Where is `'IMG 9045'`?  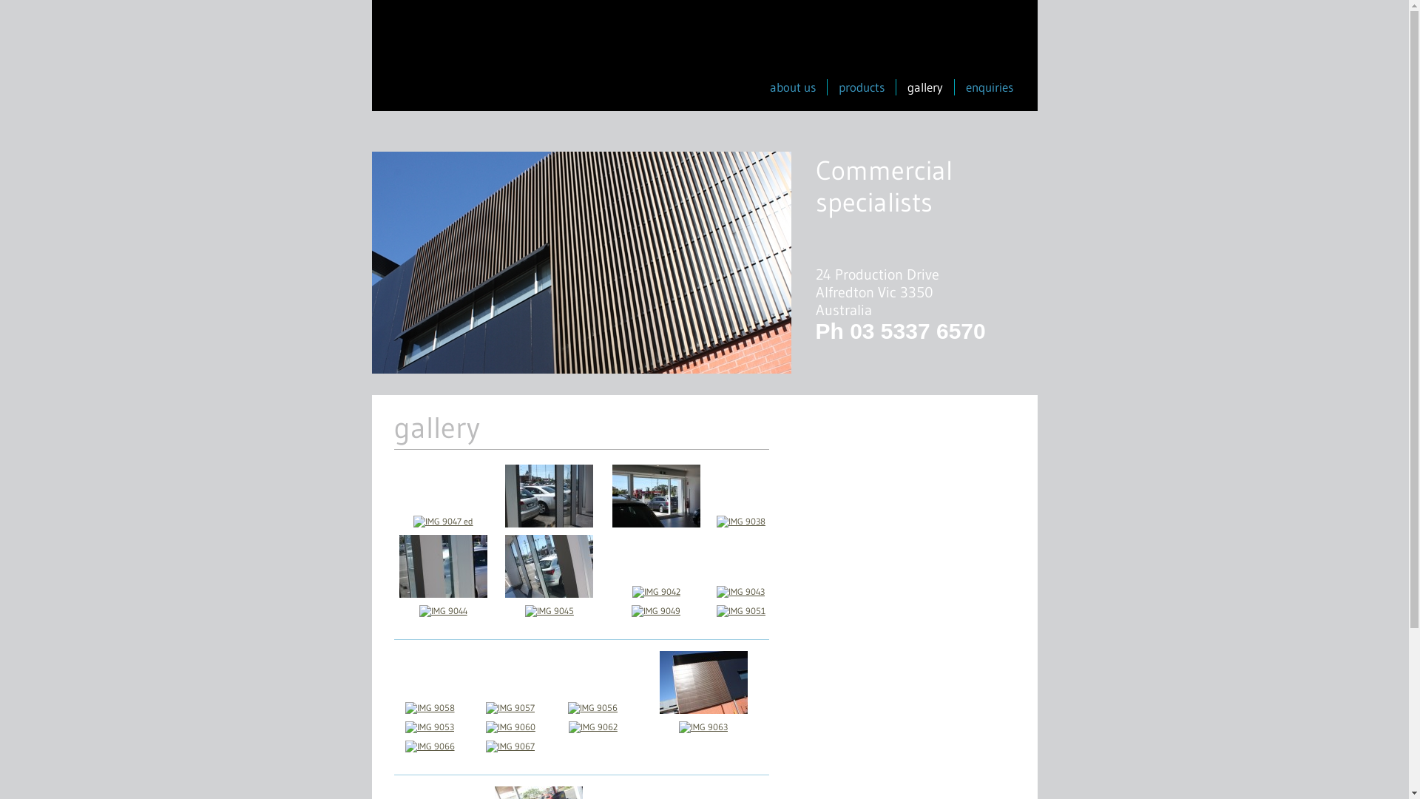
'IMG 9045' is located at coordinates (549, 611).